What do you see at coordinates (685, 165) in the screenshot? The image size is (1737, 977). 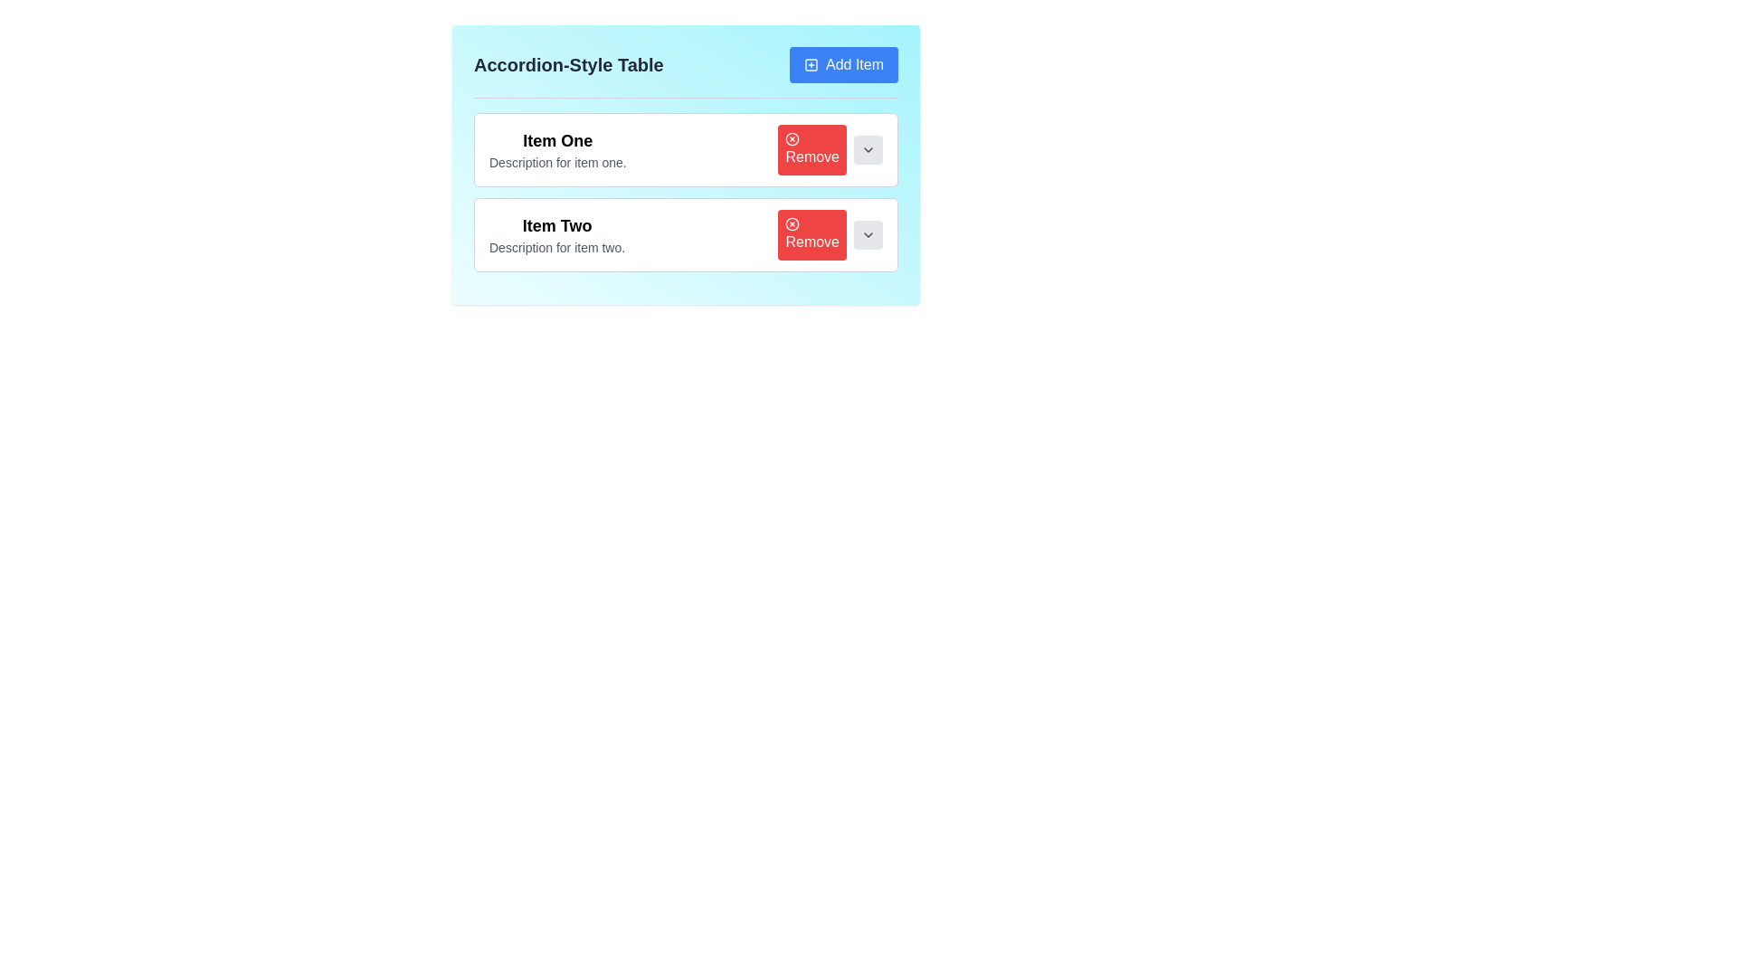 I see `the interactive button within the accordion-style list or table to observe style changes` at bounding box center [685, 165].